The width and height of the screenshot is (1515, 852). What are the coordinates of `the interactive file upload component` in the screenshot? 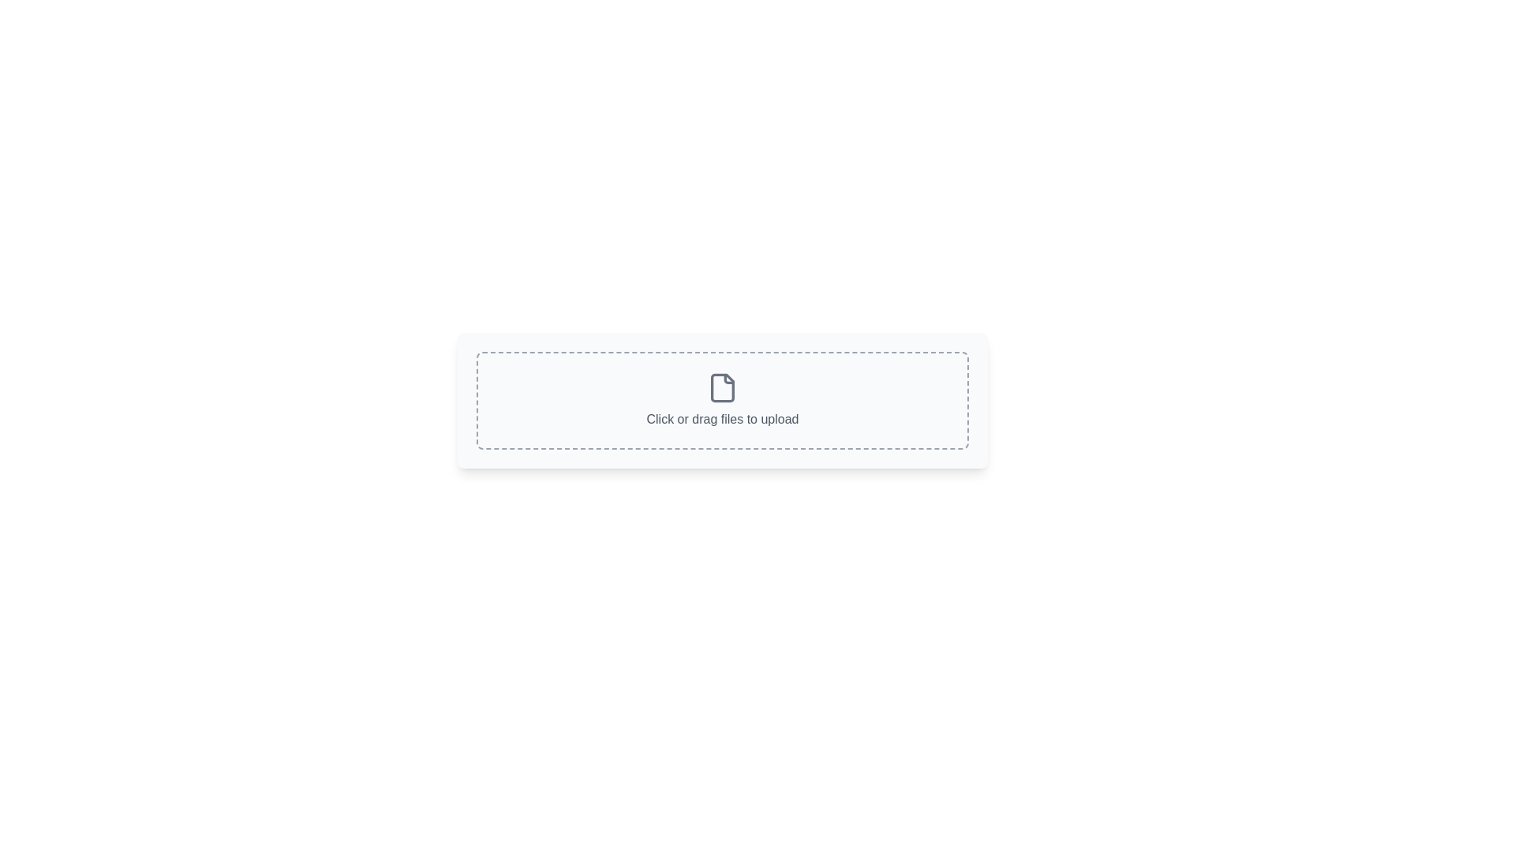 It's located at (722, 400).